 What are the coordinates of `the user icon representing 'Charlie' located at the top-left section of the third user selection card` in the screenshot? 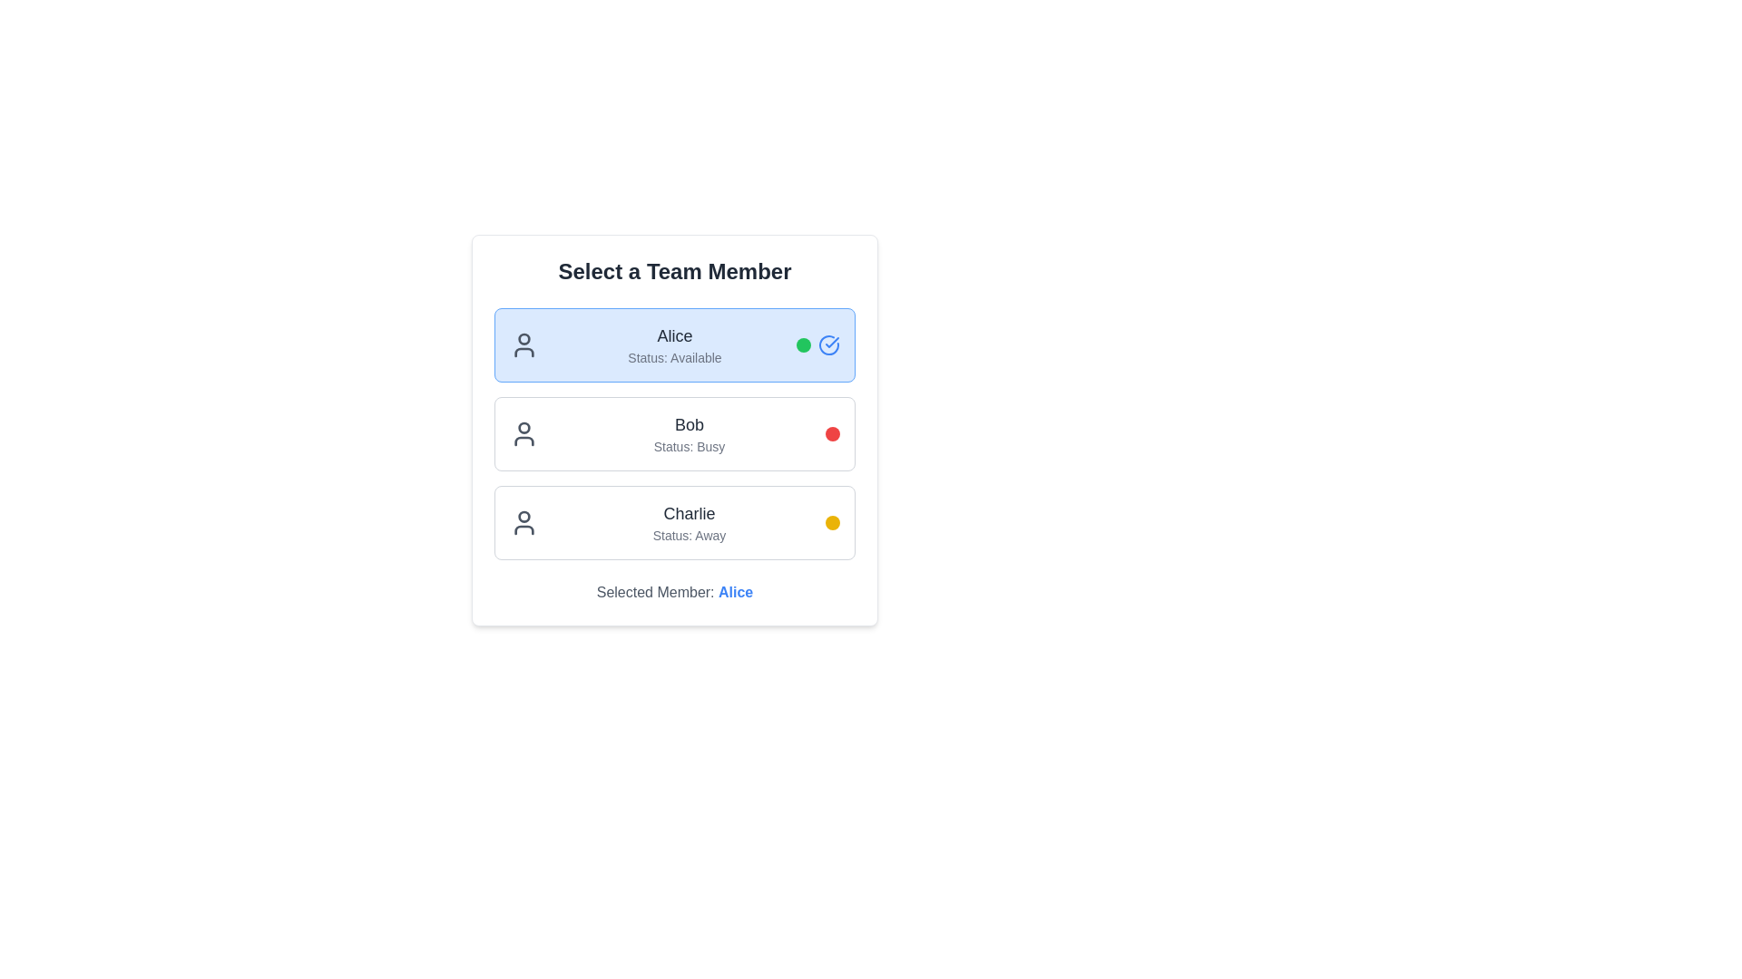 It's located at (523, 530).